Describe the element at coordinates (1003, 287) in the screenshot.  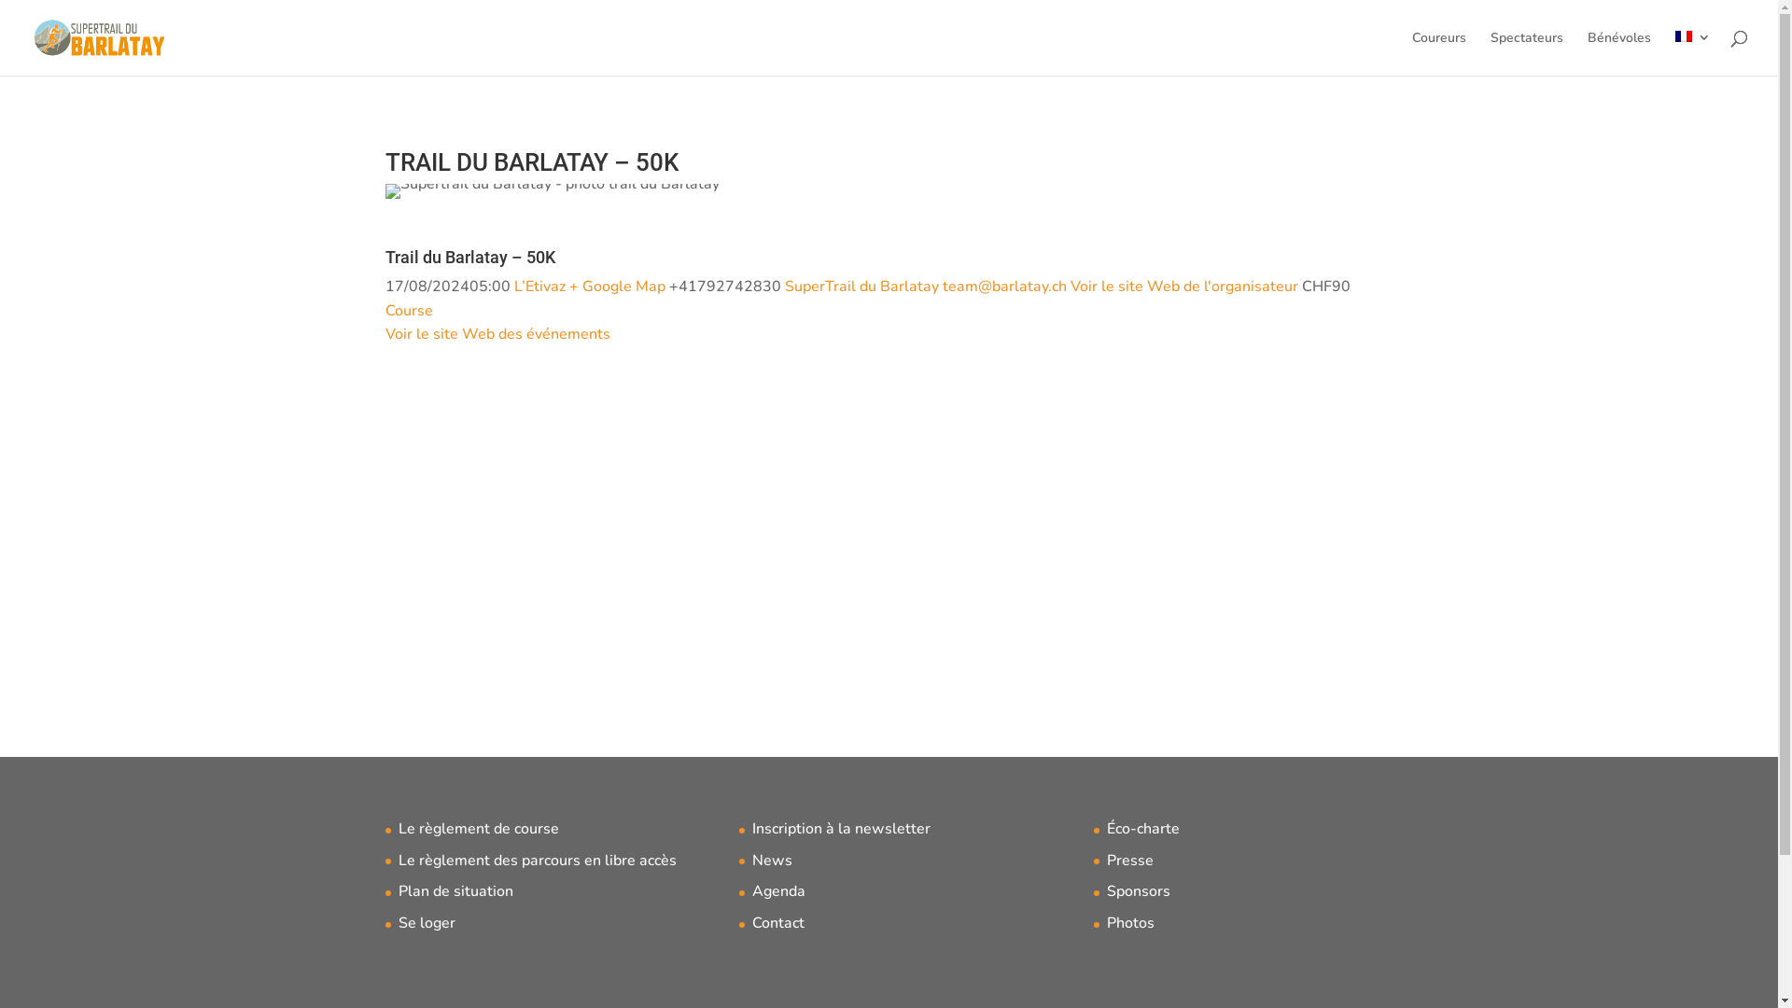
I see `'team@barlatay.ch'` at that location.